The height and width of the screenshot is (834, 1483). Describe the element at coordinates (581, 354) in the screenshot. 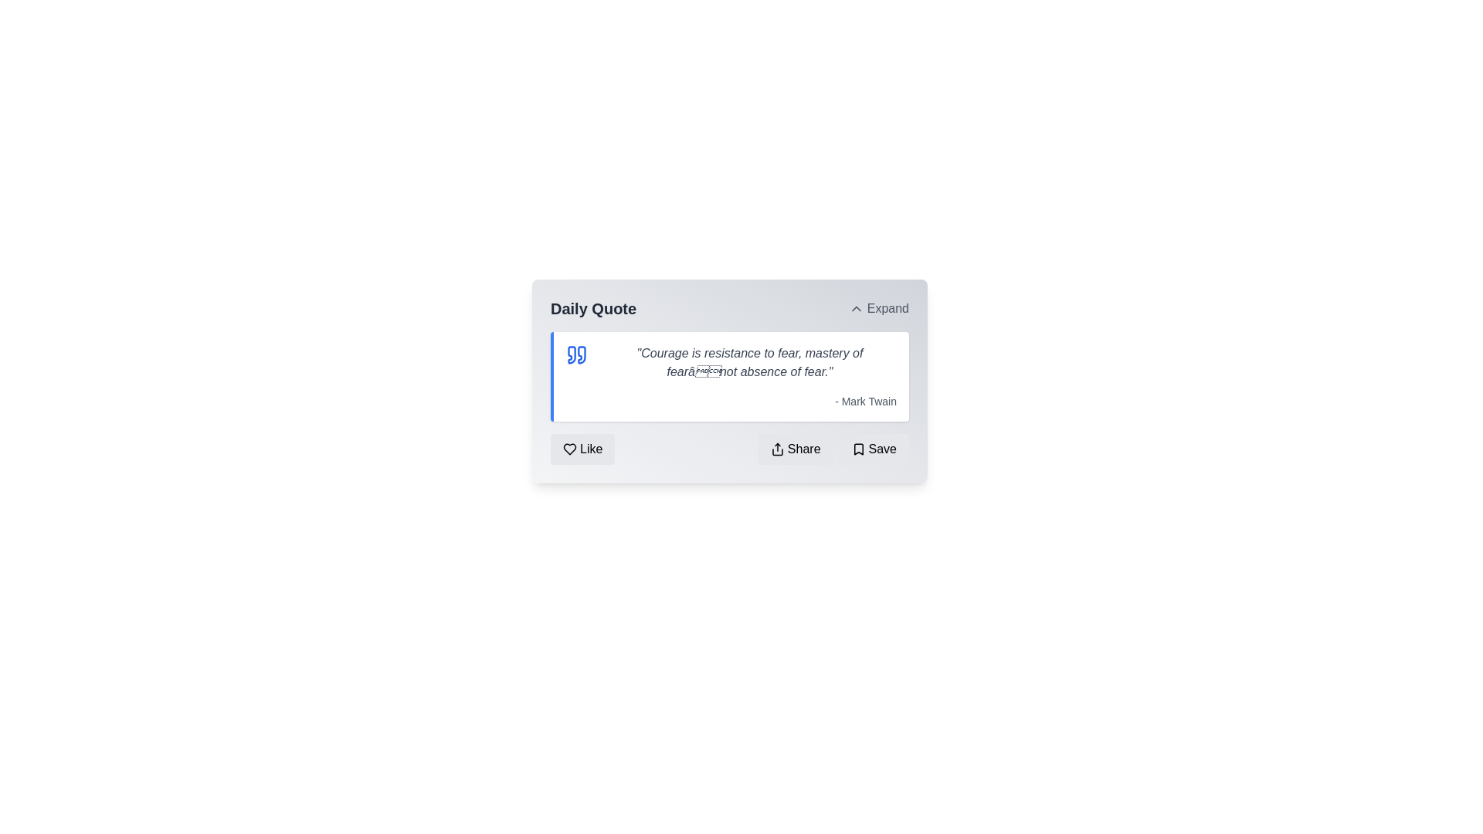

I see `the upper left quotation mark icon in the Daily Quote panel, which visually represents a quotation mark and signifies quoted text` at that location.